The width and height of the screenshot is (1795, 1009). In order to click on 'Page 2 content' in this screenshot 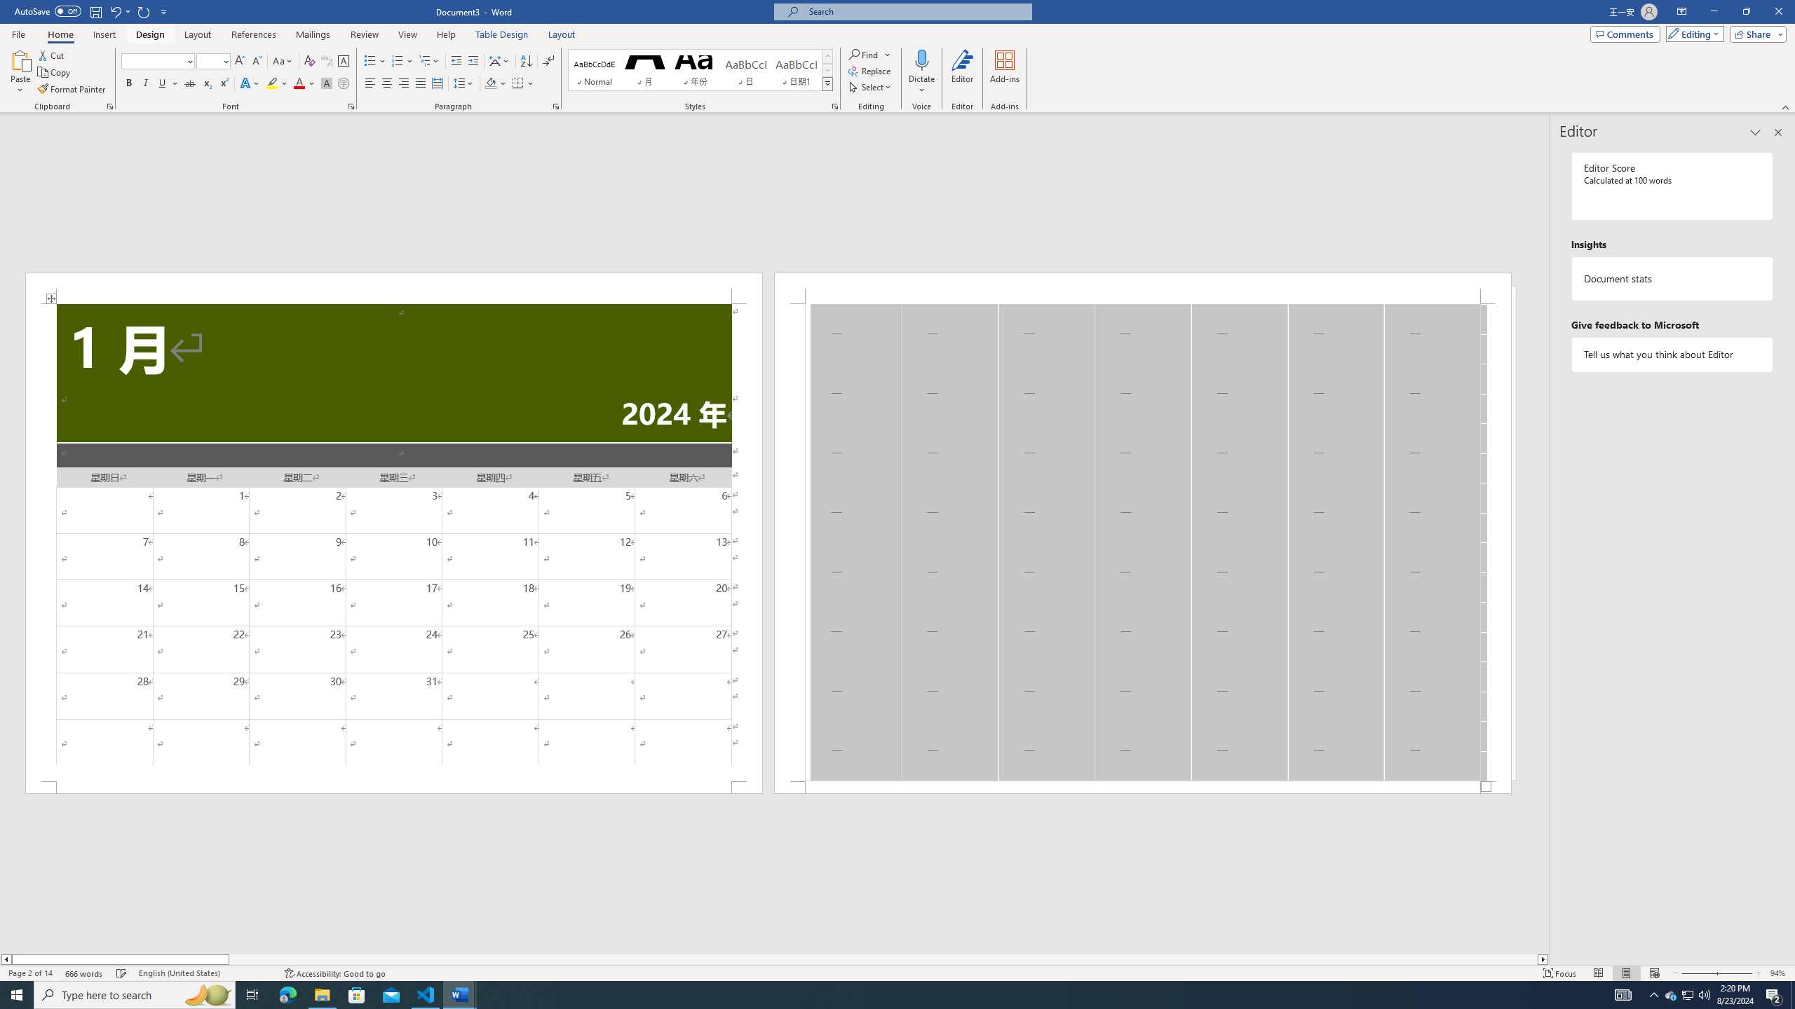, I will do `click(1142, 542)`.